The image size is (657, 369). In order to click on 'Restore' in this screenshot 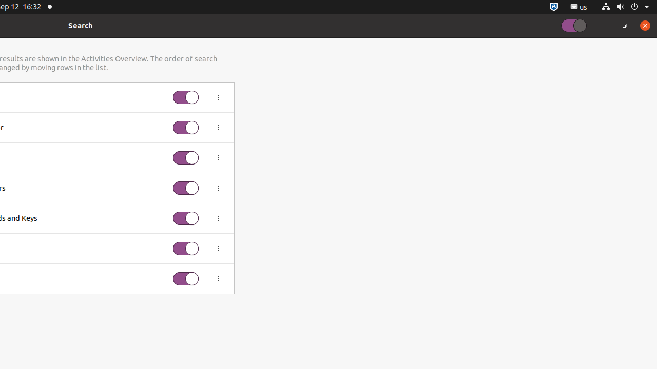, I will do `click(624, 25)`.